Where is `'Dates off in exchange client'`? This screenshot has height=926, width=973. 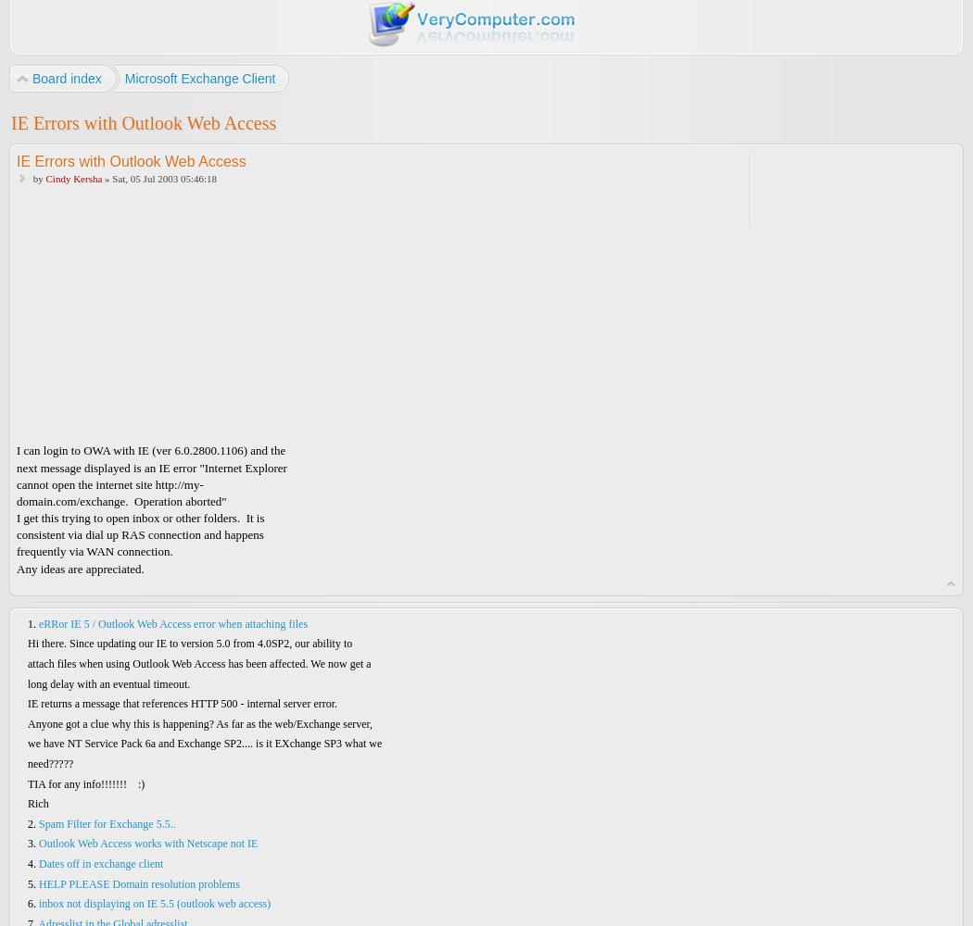
'Dates off in exchange client' is located at coordinates (100, 863).